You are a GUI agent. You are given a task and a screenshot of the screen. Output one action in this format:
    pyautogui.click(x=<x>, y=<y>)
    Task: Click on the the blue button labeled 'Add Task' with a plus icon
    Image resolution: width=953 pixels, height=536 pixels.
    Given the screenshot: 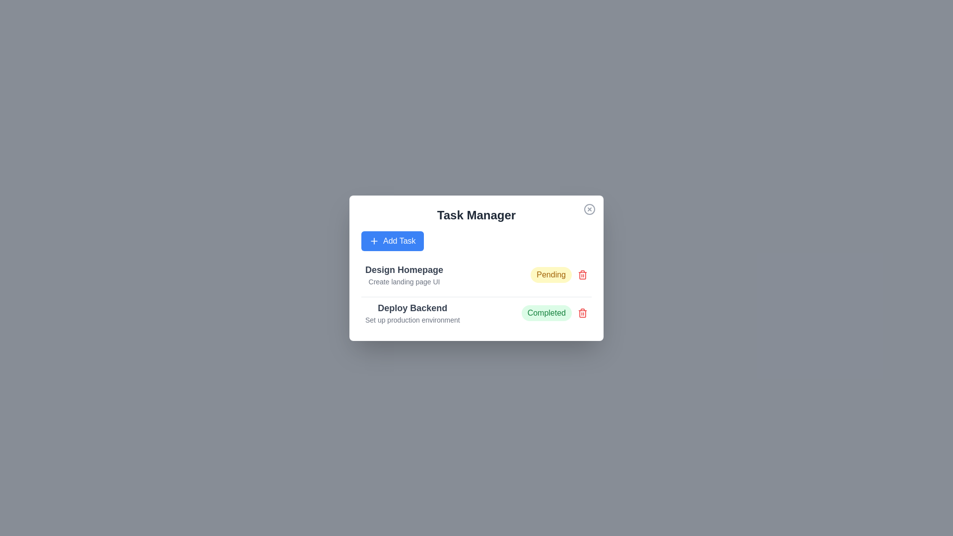 What is the action you would take?
    pyautogui.click(x=392, y=241)
    